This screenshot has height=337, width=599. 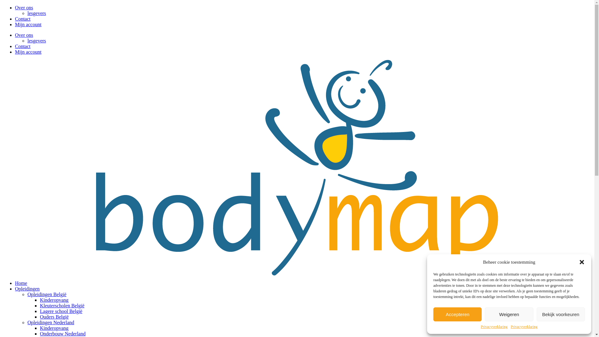 I want to click on 'Onderbouw Nederland', so click(x=40, y=333).